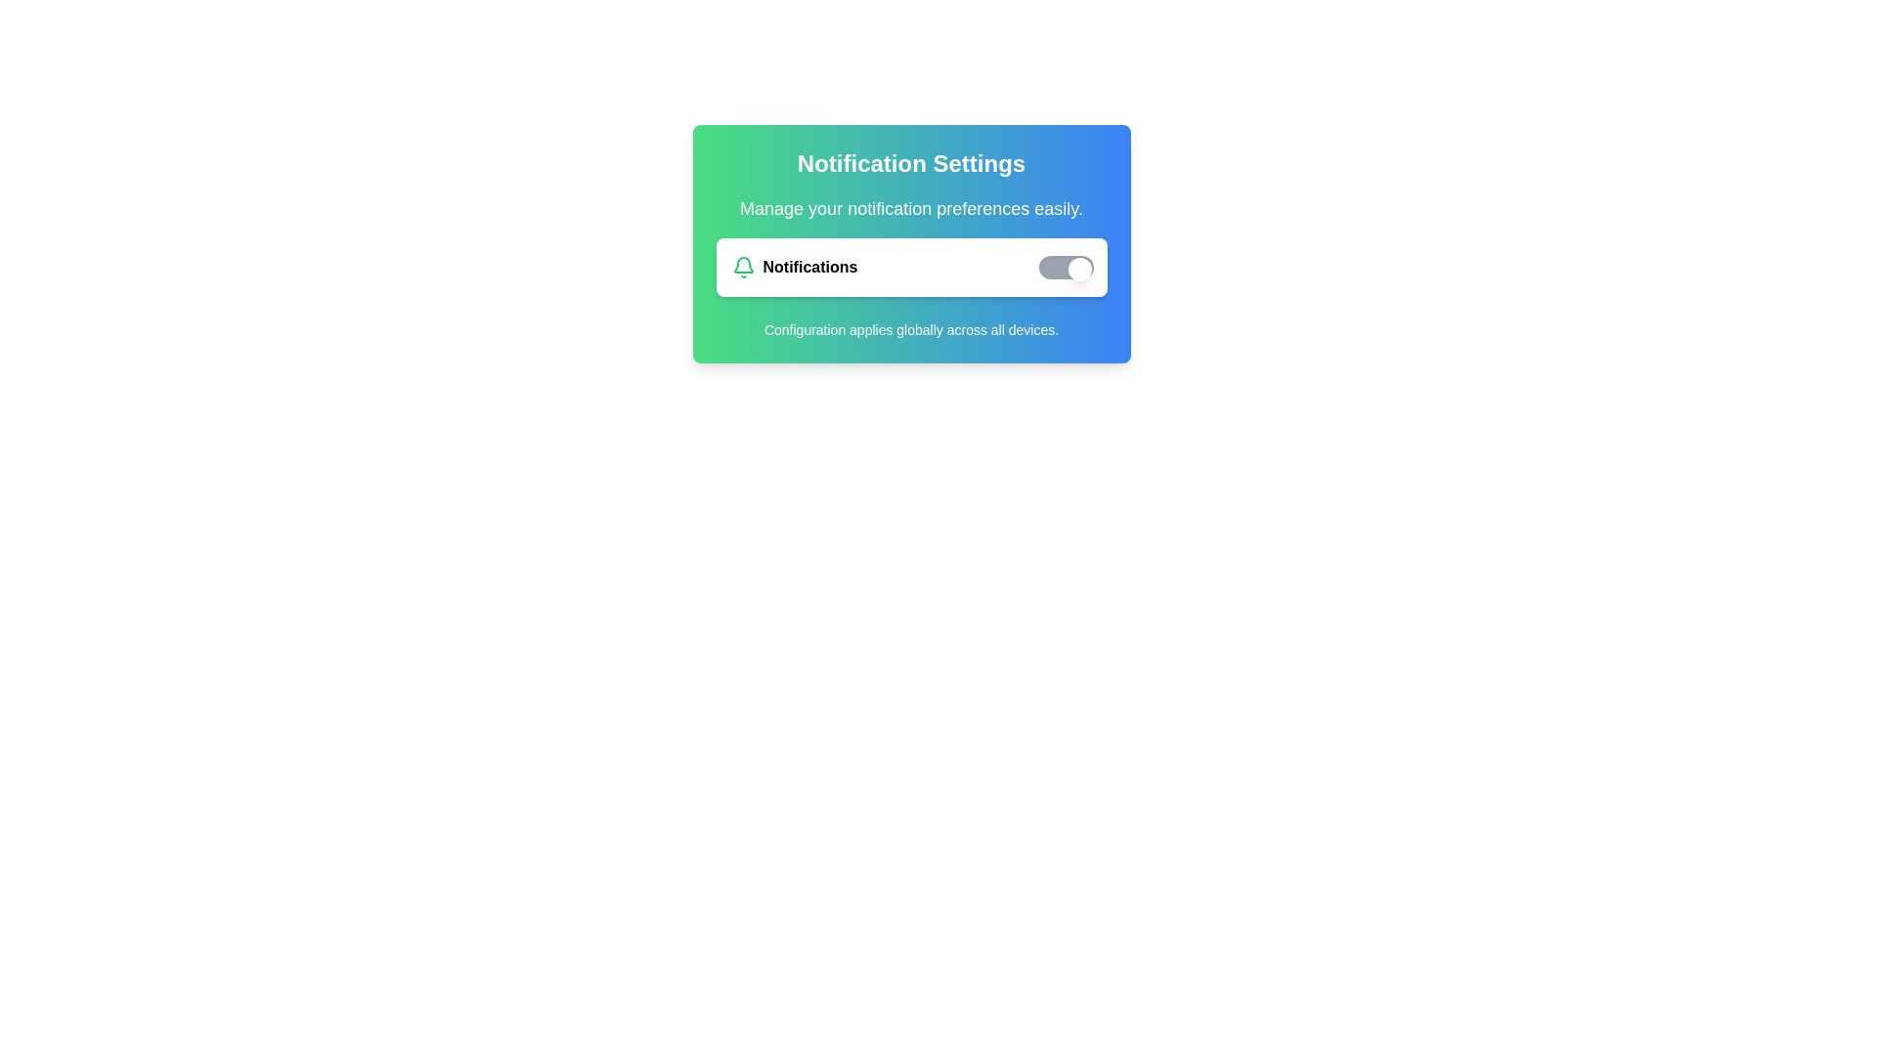  Describe the element at coordinates (1063, 267) in the screenshot. I see `the circular knob of the toggle switch located next` at that location.